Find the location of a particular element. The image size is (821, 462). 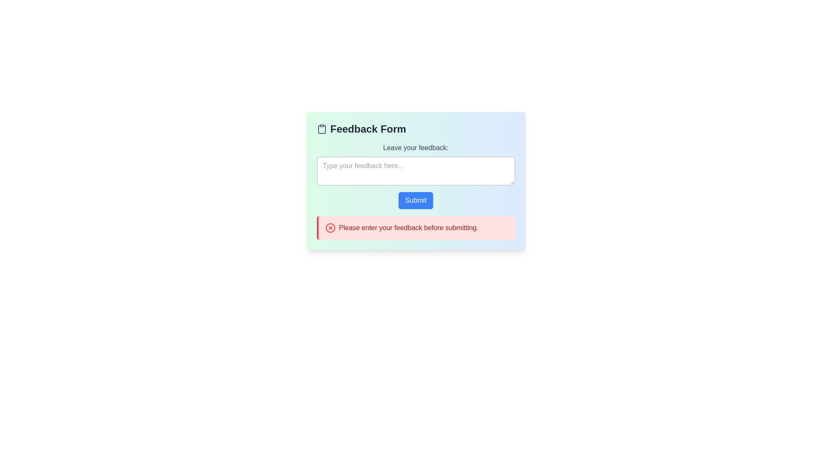

notification box with a red background containing the instruction 'Please enter your feedback before submitting.' is located at coordinates (416, 227).